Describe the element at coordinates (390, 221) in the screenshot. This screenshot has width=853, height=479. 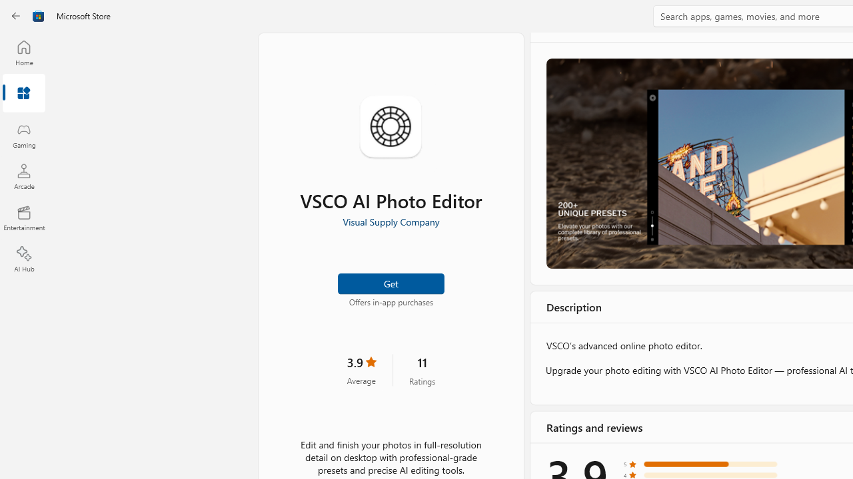
I see `'Visual Supply Company'` at that location.